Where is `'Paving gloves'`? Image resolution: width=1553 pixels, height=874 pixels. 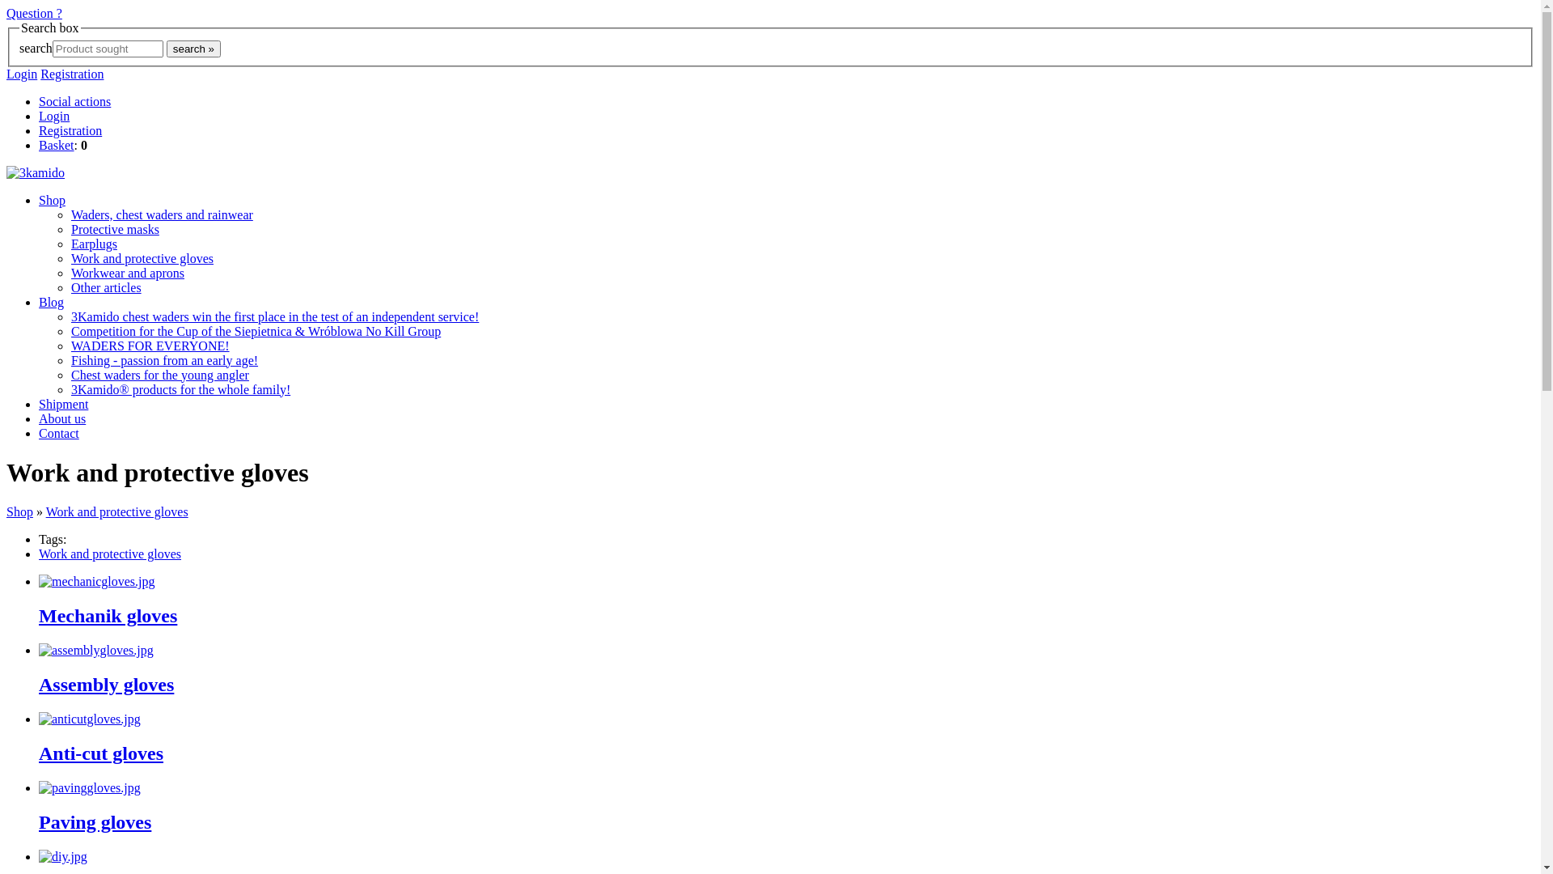
'Paving gloves' is located at coordinates (94, 821).